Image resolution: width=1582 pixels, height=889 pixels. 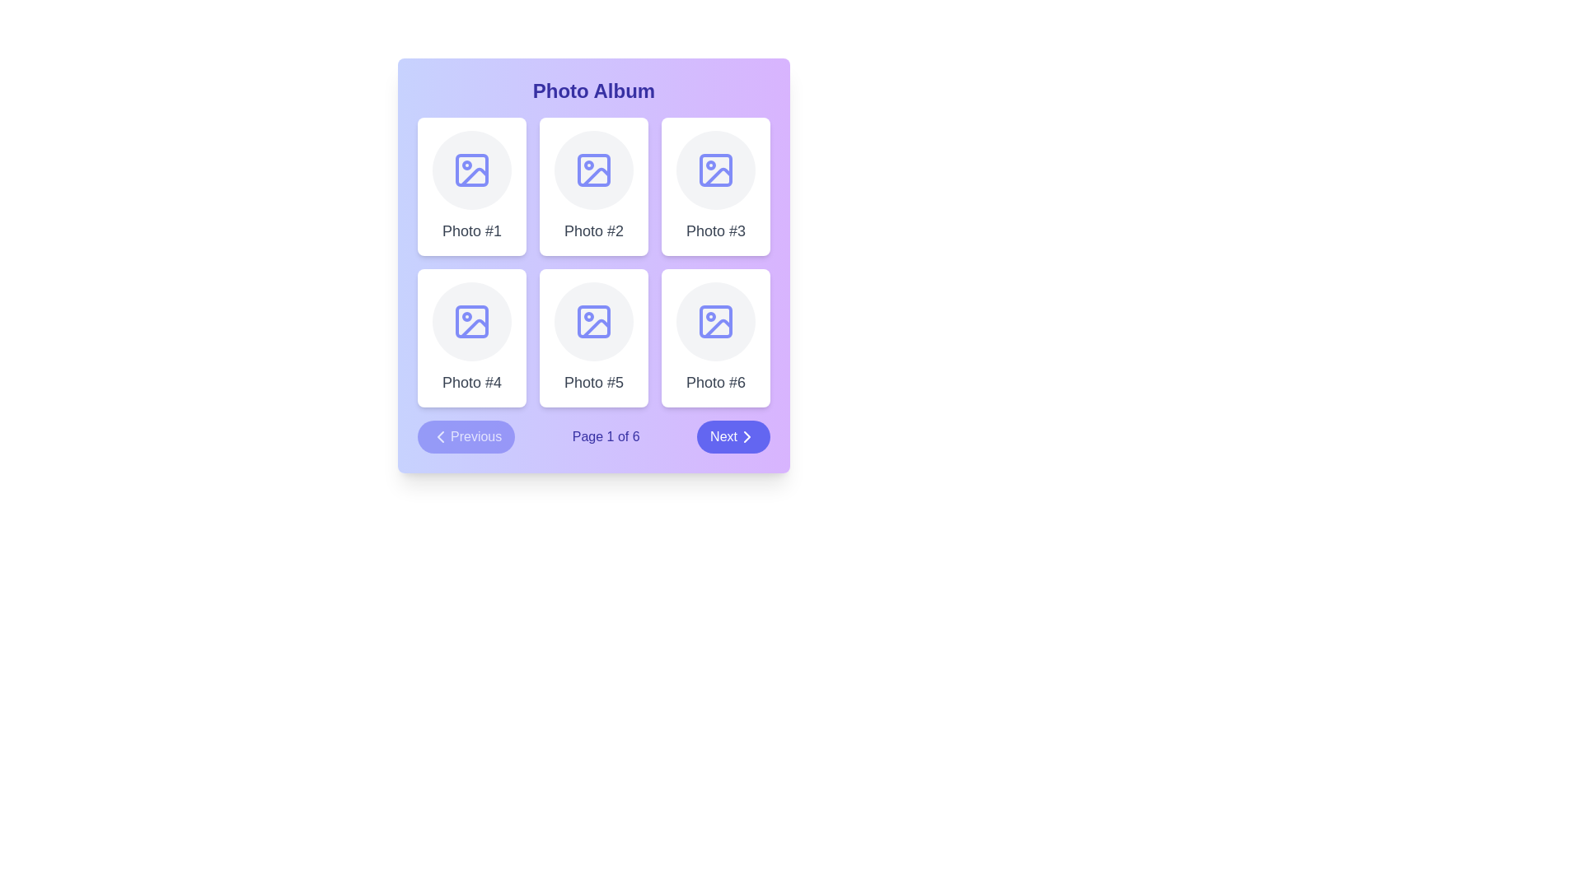 I want to click on the top-center icon in the 2x3 grid layout under the title 'Photo Album' to interact with the photo placeholder, so click(x=593, y=170).